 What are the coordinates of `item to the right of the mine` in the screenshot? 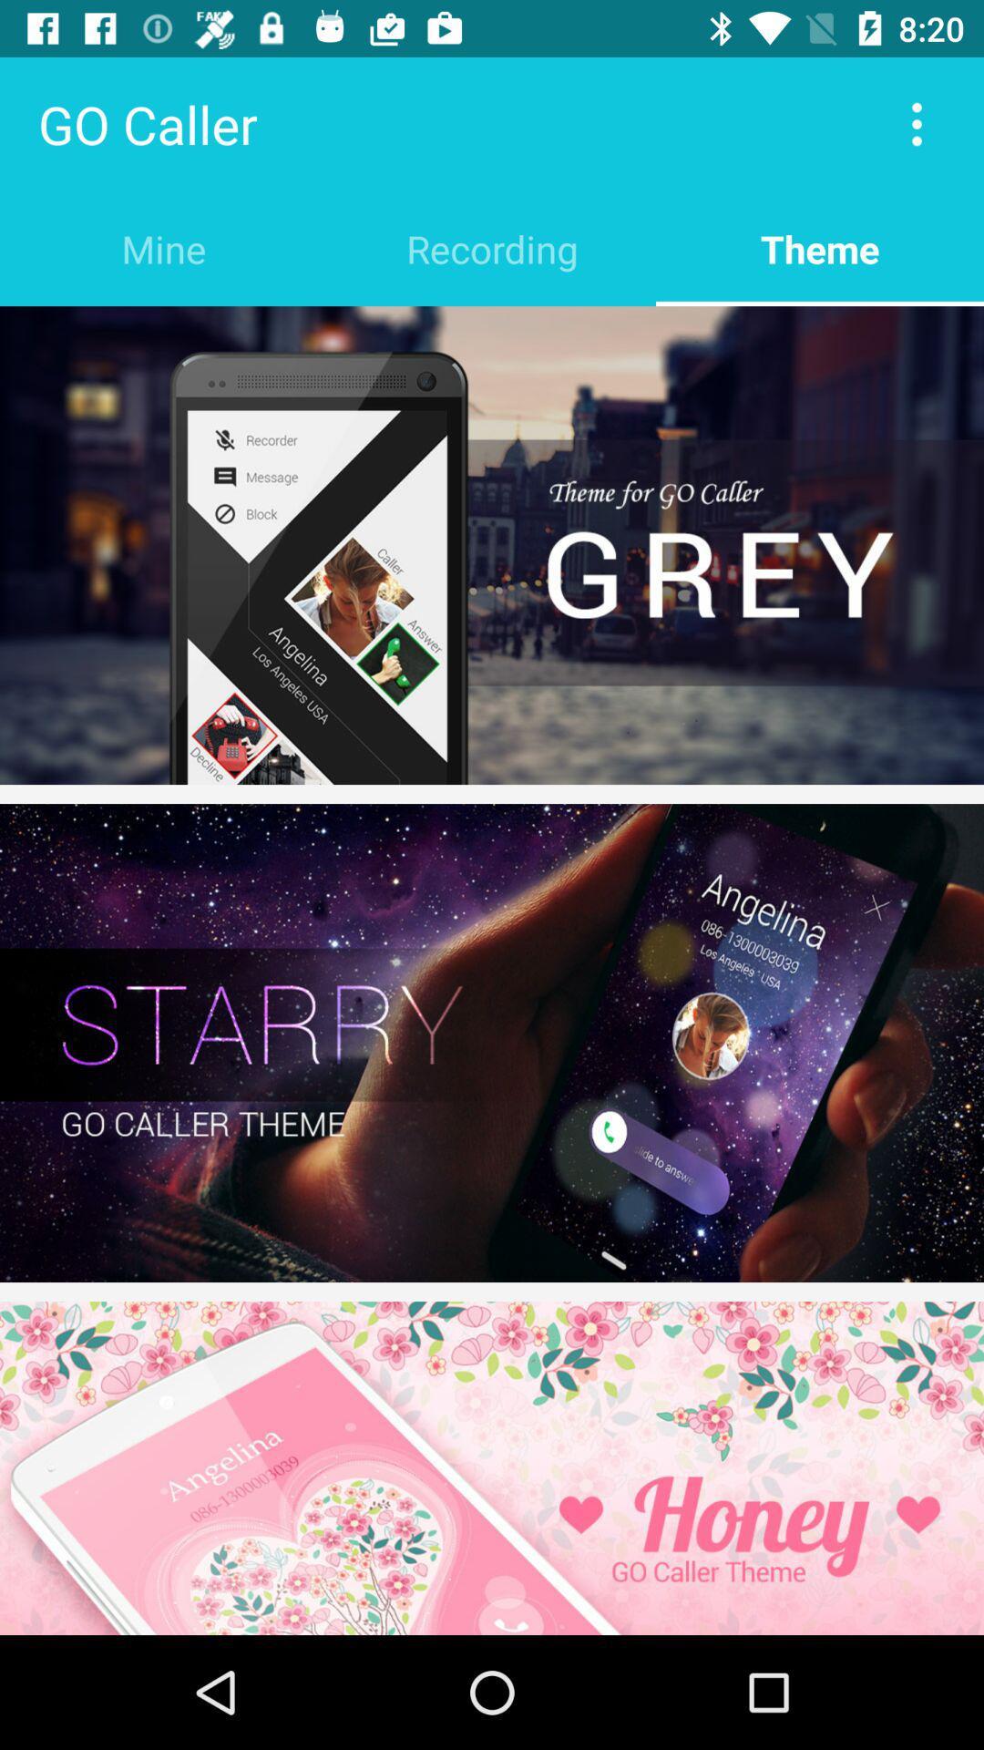 It's located at (492, 248).